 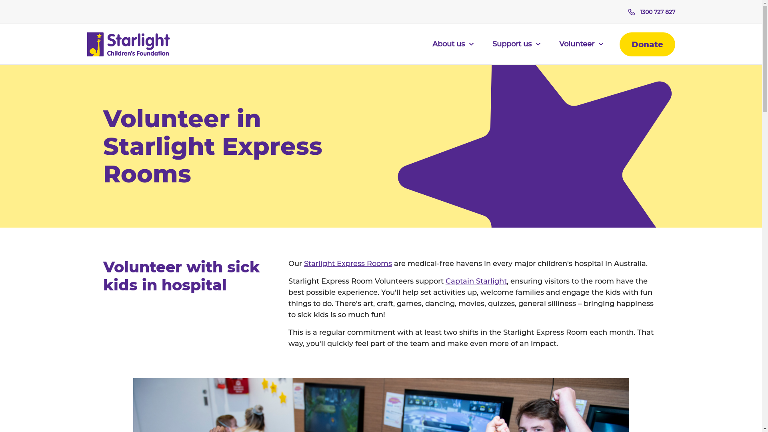 I want to click on 'Donate', so click(x=619, y=44).